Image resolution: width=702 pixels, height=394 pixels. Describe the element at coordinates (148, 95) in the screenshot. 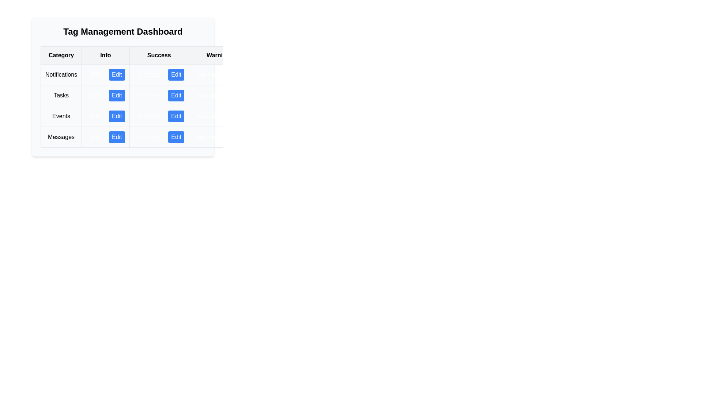

I see `the 'success' status tag located in the second row of the table, positioned to the left of the blue 'Edit' button` at that location.